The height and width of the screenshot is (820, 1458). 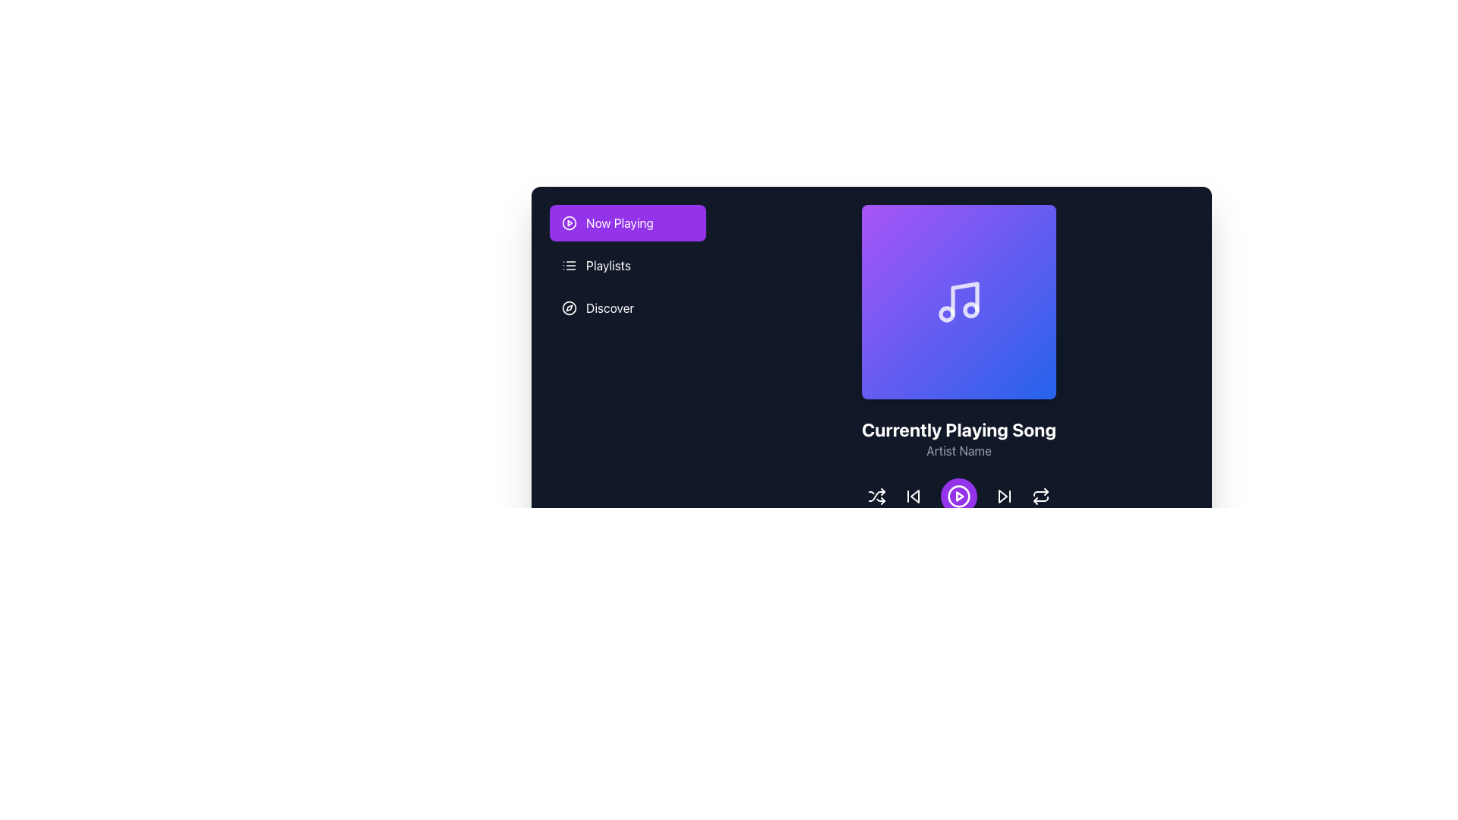 What do you see at coordinates (627, 265) in the screenshot?
I see `the 'Playlists' button in the vertical navigation menu` at bounding box center [627, 265].